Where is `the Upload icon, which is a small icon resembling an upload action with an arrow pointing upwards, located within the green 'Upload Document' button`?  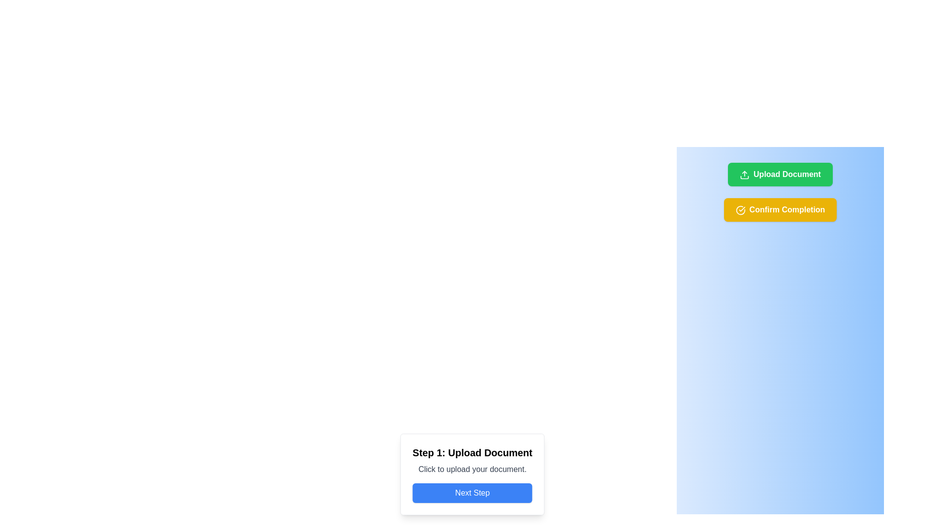
the Upload icon, which is a small icon resembling an upload action with an arrow pointing upwards, located within the green 'Upload Document' button is located at coordinates (744, 174).